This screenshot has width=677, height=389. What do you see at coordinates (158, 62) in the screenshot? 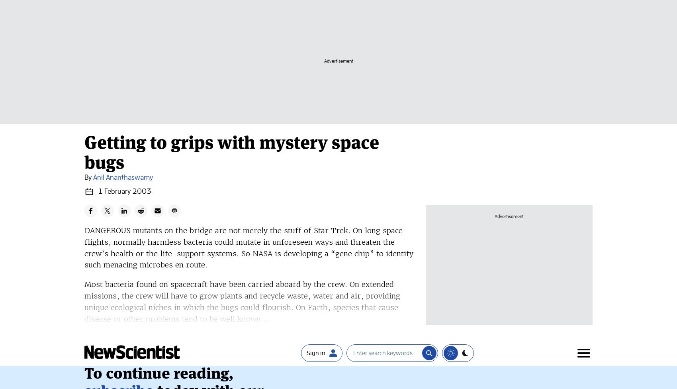
I see `'To continue reading,'` at bounding box center [158, 62].